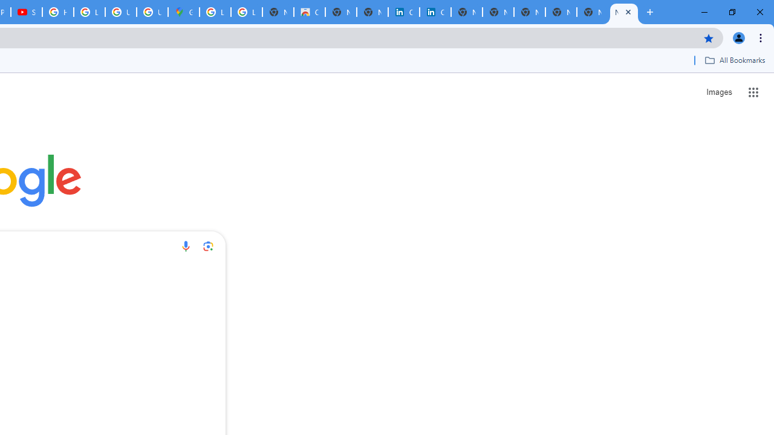 Image resolution: width=774 pixels, height=435 pixels. I want to click on 'How Chrome protects your passwords - Google Chrome Help', so click(57, 12).